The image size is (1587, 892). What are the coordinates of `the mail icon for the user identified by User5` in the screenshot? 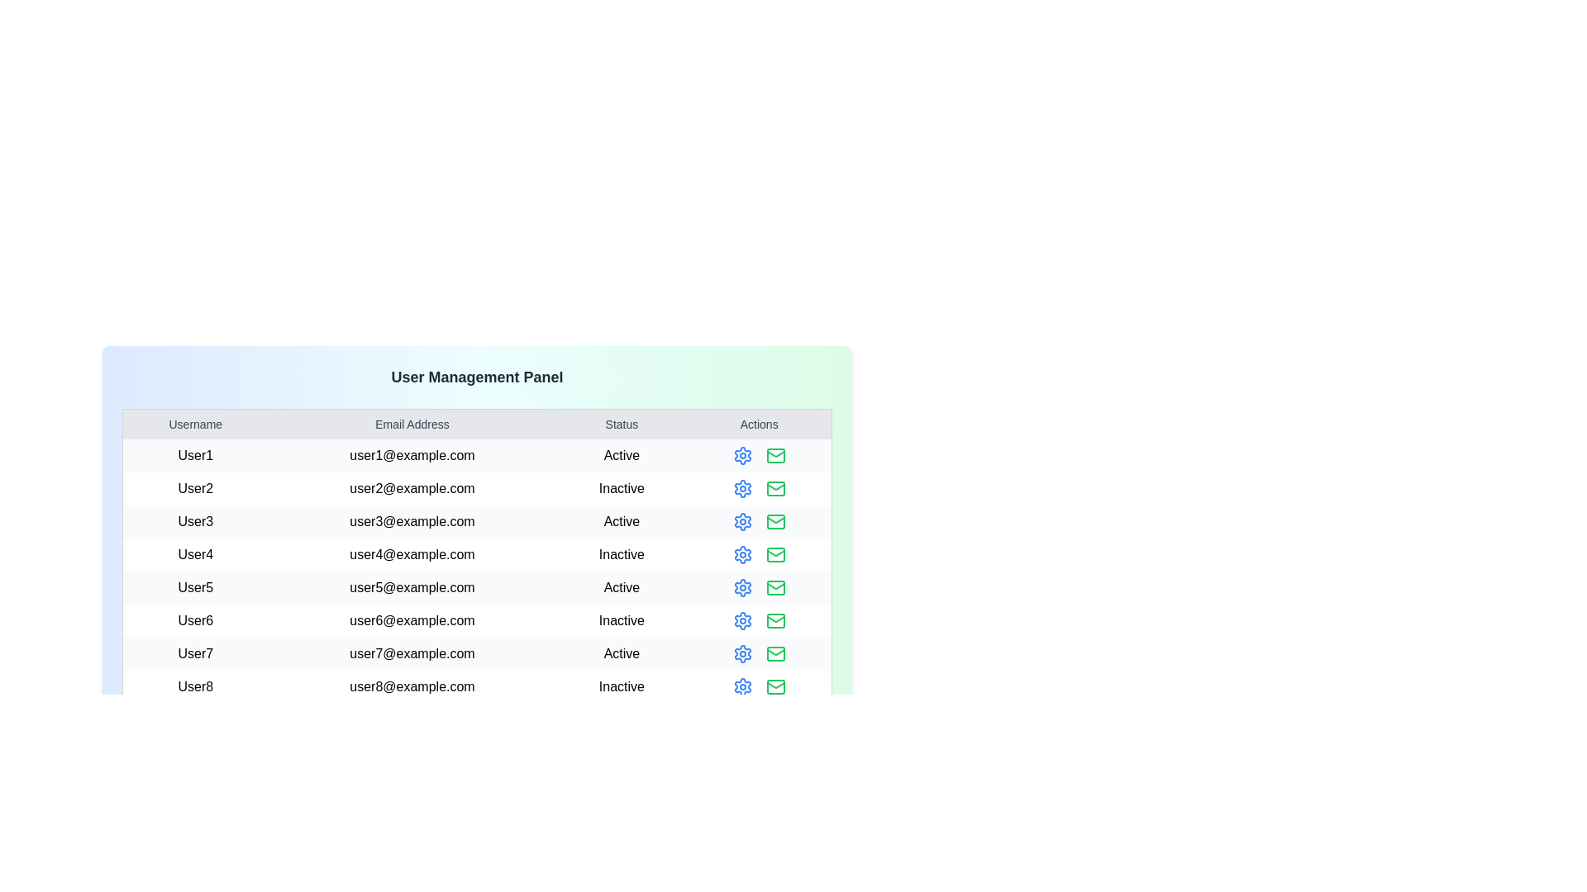 It's located at (774, 587).